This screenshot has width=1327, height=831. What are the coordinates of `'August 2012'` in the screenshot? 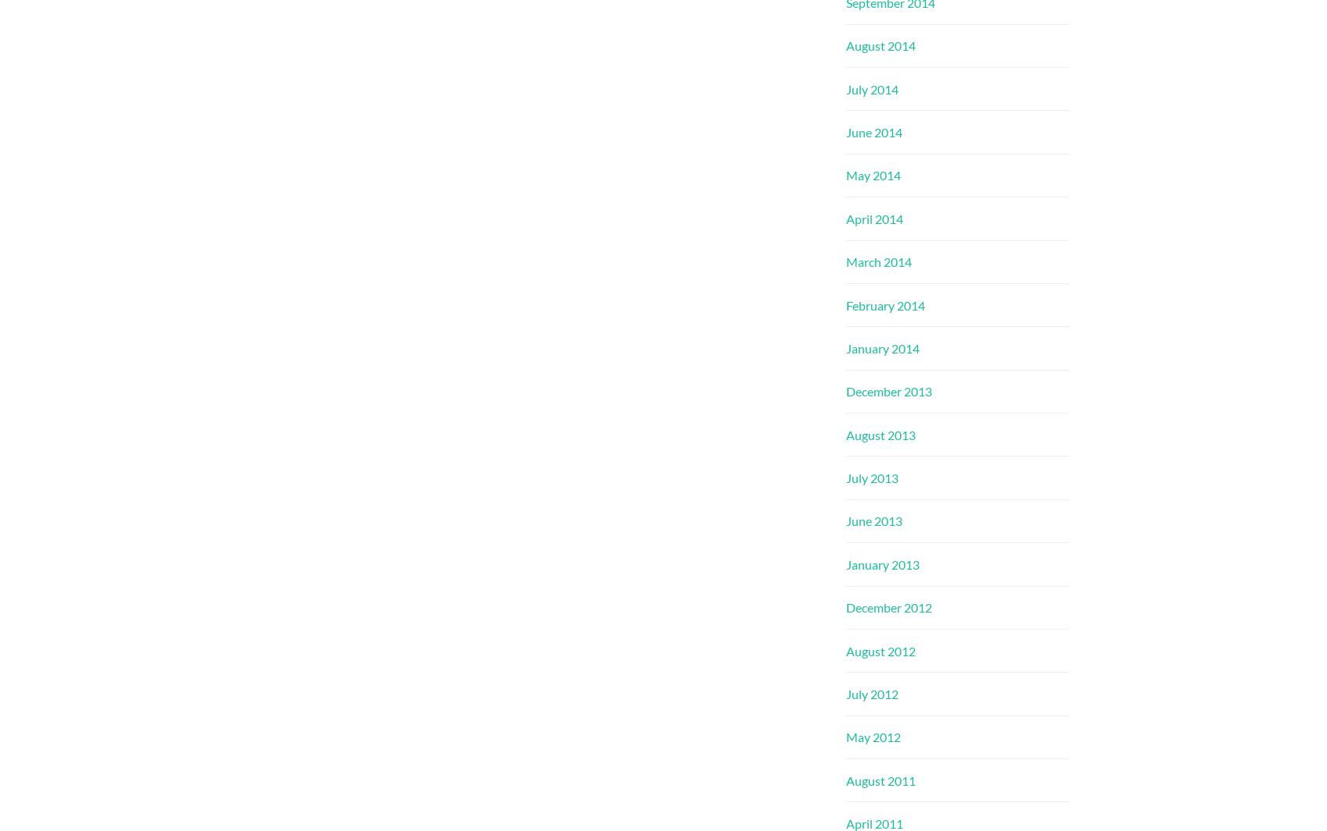 It's located at (881, 650).